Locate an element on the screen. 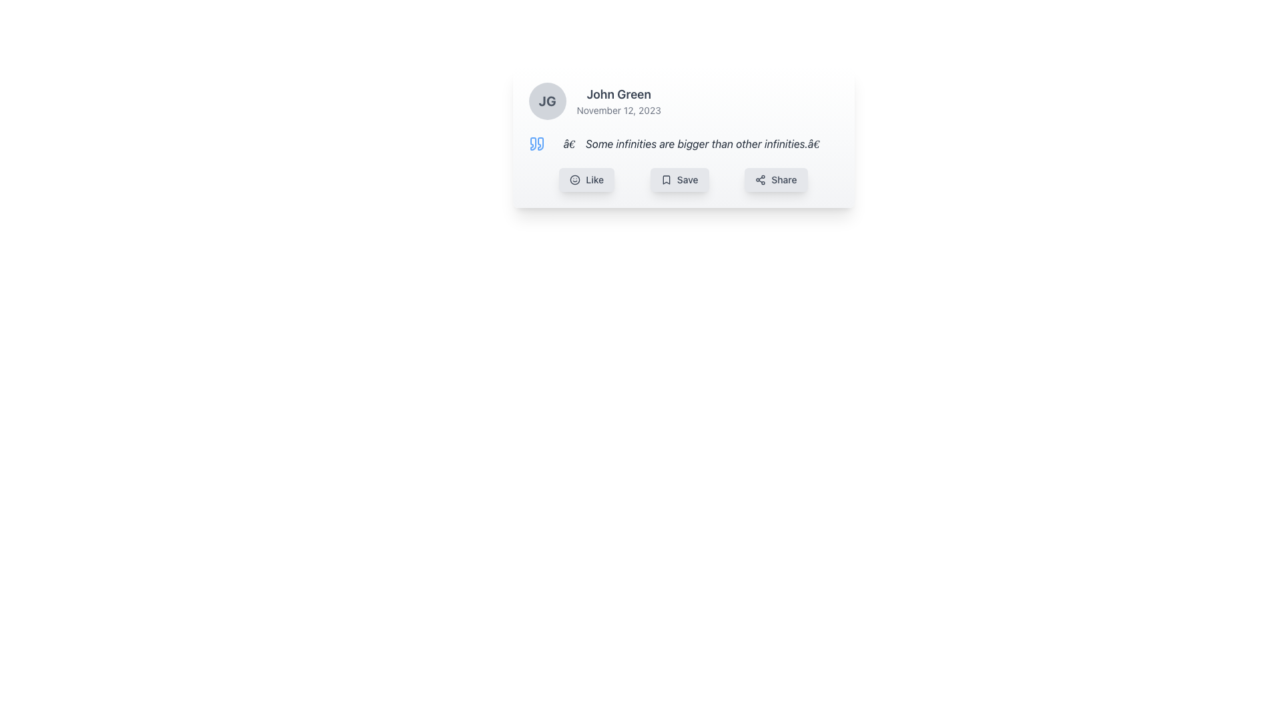  displayed date from the text label showing 'November 12, 2023' located below 'John Green' in a card-like layout is located at coordinates (618, 109).